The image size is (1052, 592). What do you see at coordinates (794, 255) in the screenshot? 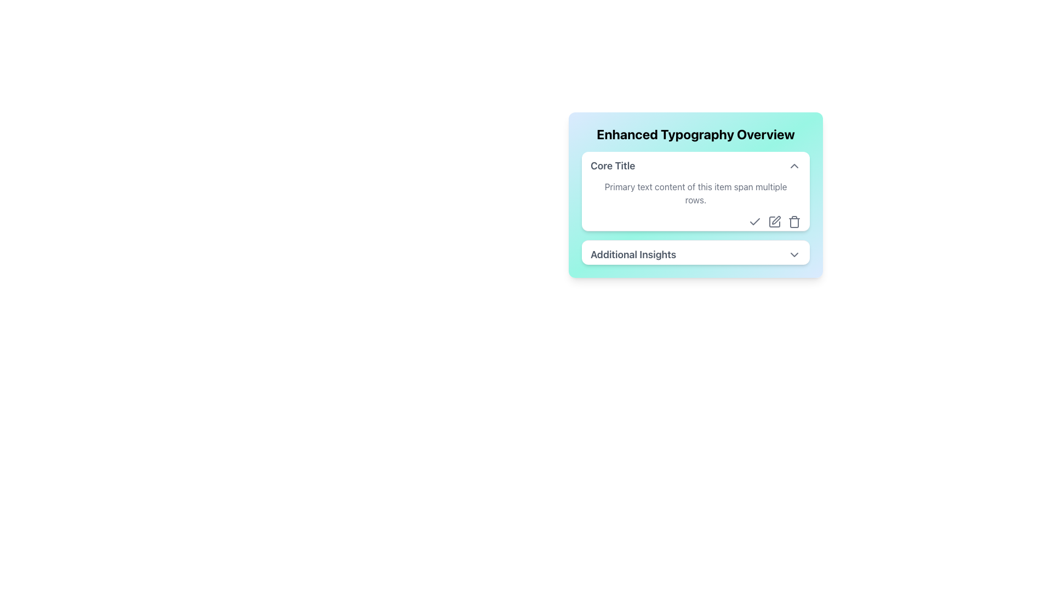
I see `the dropdown toggle button located to the far-right of the row containing the text 'Additional Insights'` at bounding box center [794, 255].